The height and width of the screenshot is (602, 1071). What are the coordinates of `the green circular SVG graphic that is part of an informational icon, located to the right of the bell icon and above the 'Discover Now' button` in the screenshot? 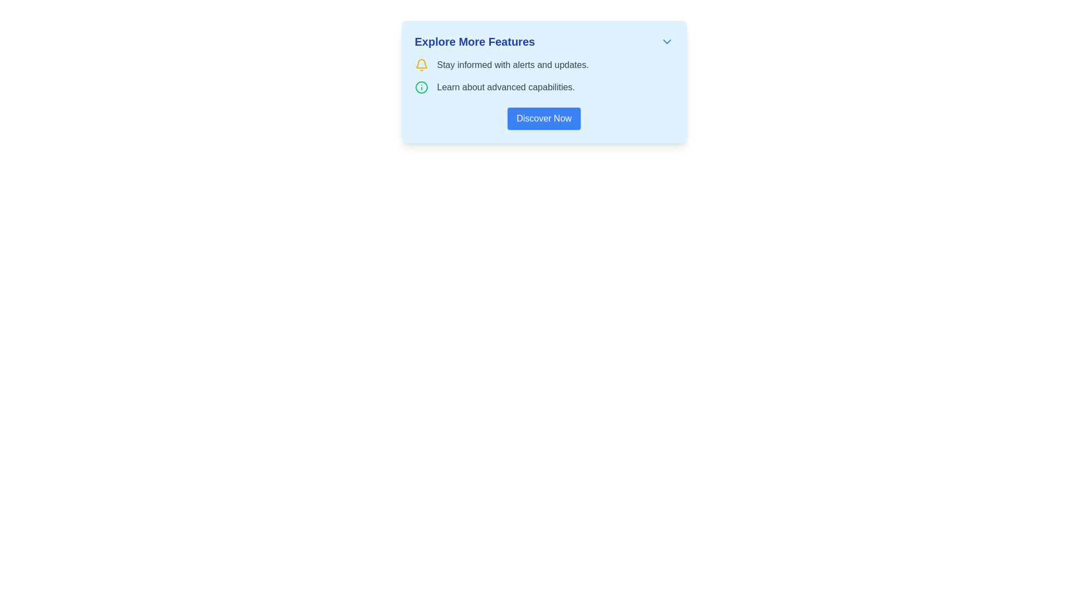 It's located at (421, 87).